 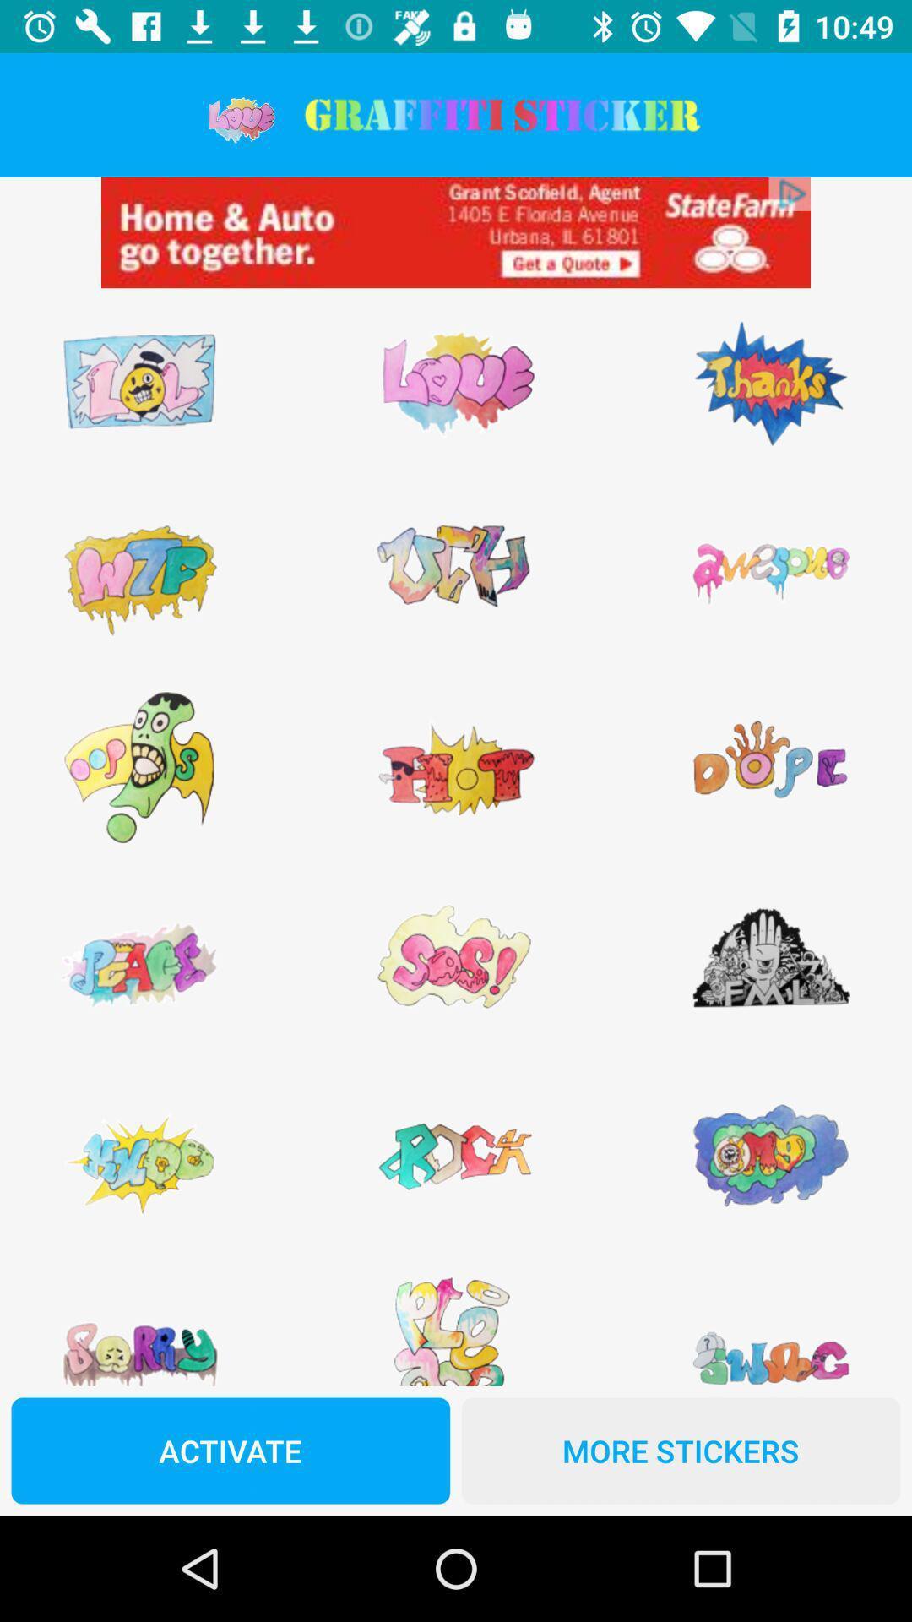 I want to click on view advertisement, so click(x=456, y=231).